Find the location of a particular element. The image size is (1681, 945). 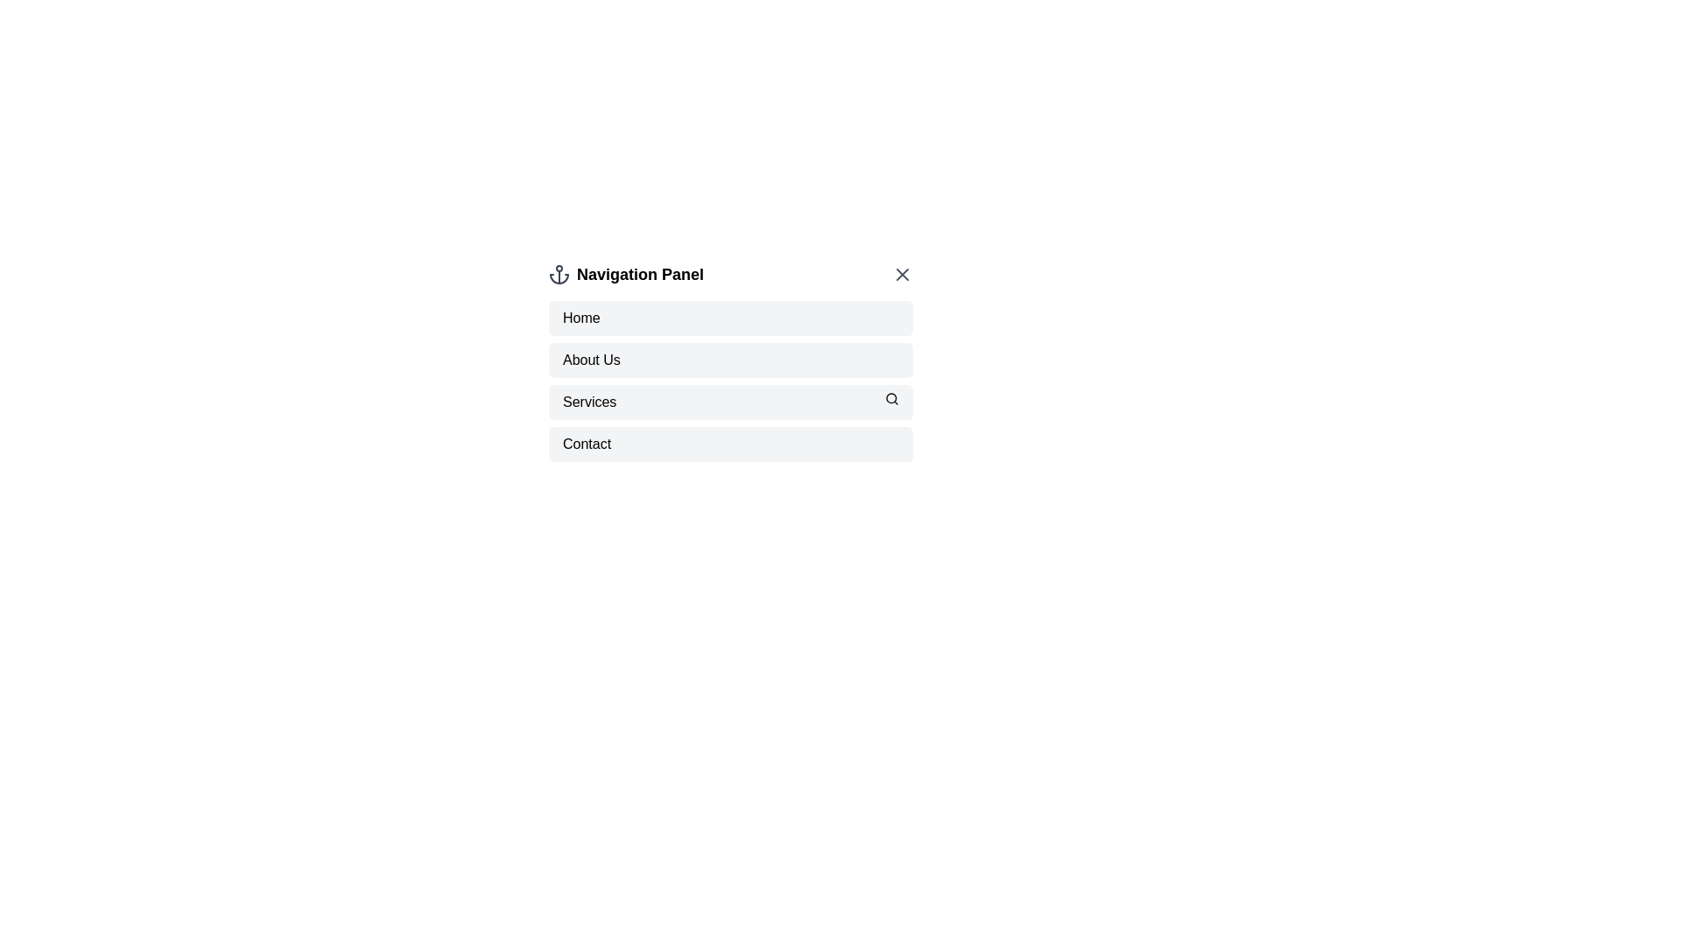

the magnifying glass icon located to the far right within the 'Services' menu entry is located at coordinates (891, 398).